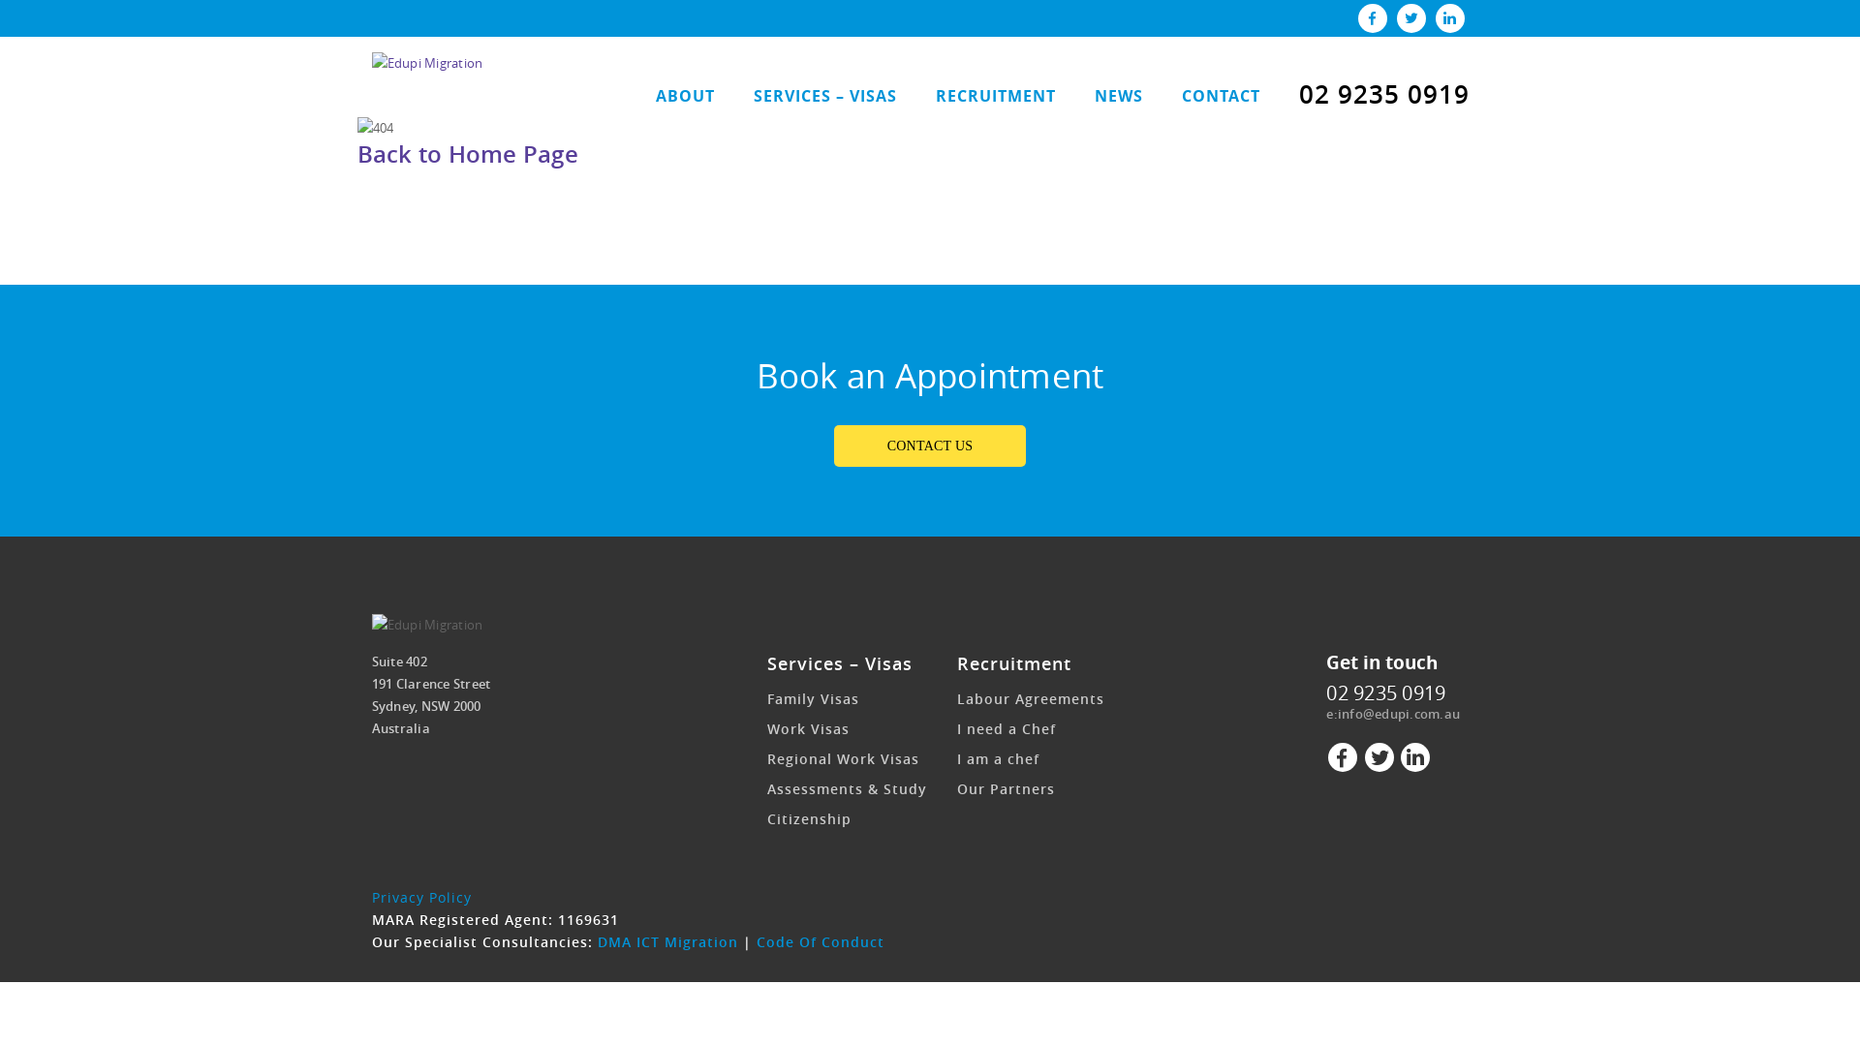  What do you see at coordinates (420, 897) in the screenshot?
I see `'Privacy Policy'` at bounding box center [420, 897].